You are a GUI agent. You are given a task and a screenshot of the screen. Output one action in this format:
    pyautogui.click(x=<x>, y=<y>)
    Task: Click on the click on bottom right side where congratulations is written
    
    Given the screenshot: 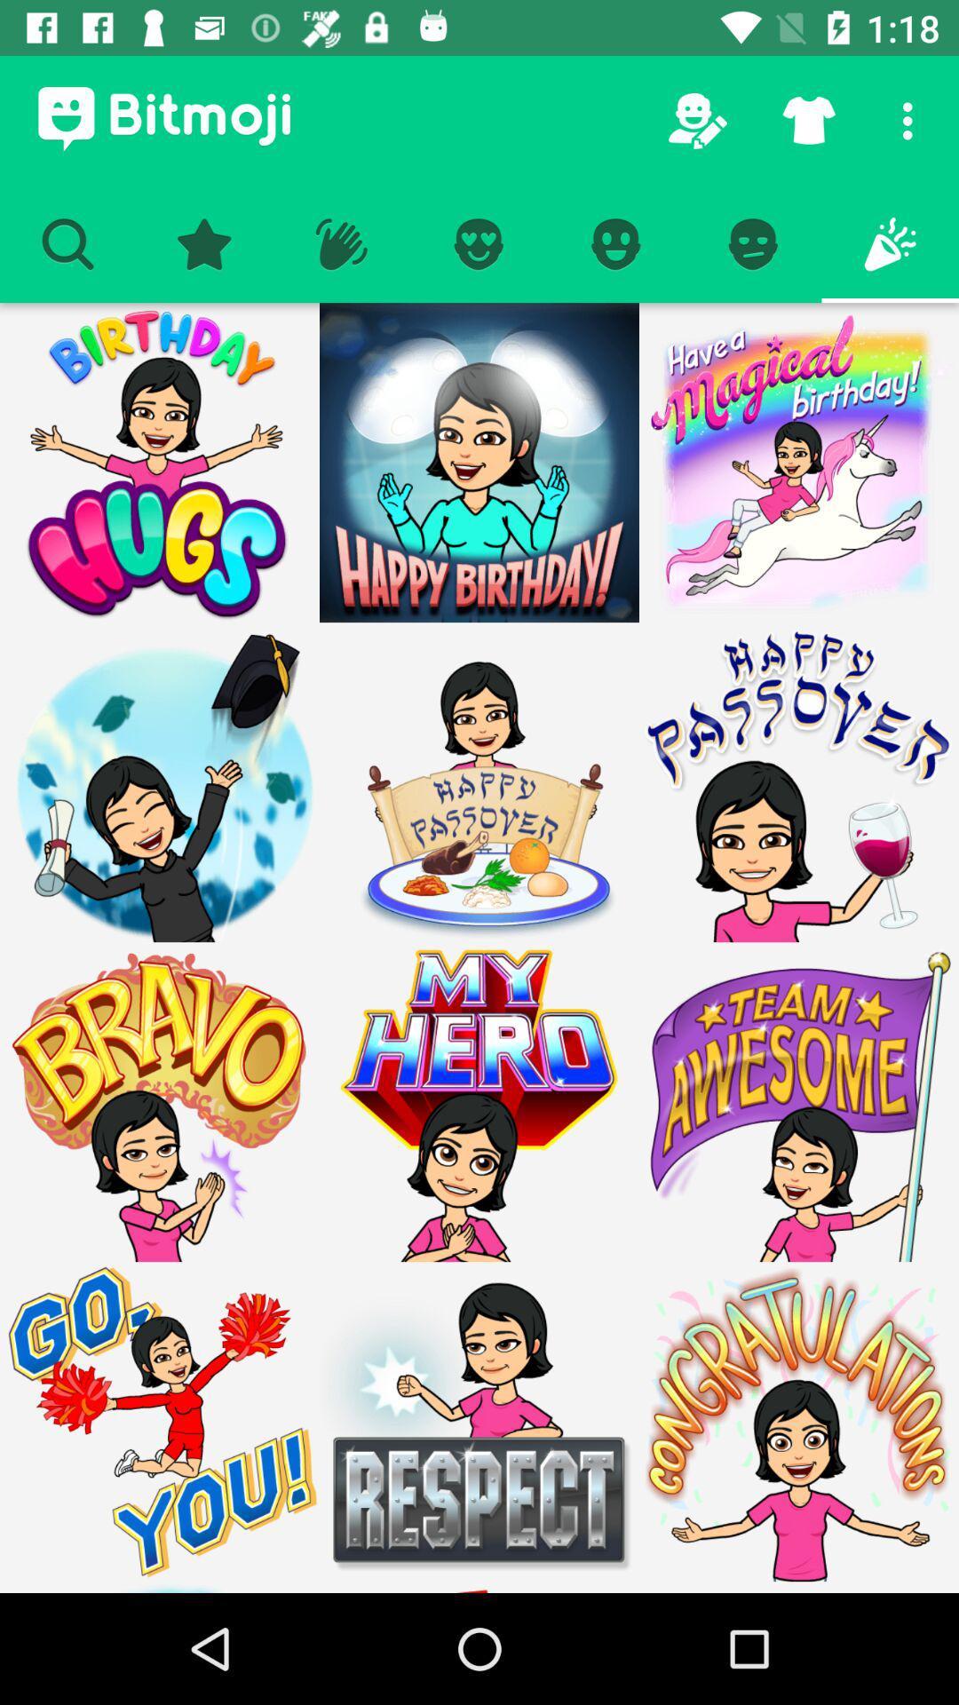 What is the action you would take?
    pyautogui.click(x=797, y=1587)
    